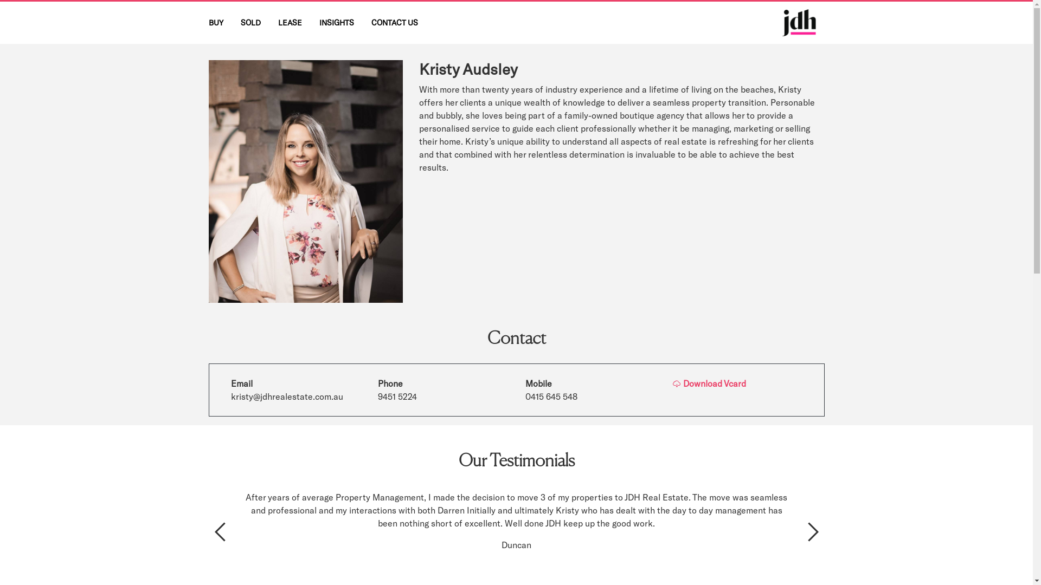 The height and width of the screenshot is (585, 1041). What do you see at coordinates (250, 23) in the screenshot?
I see `'SOLD'` at bounding box center [250, 23].